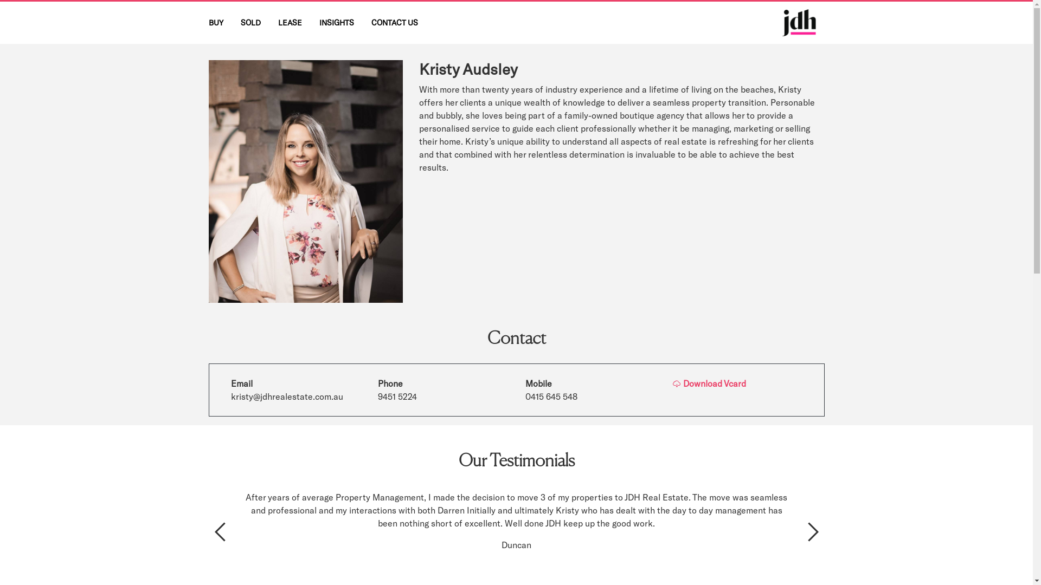 The height and width of the screenshot is (585, 1041). What do you see at coordinates (250, 23) in the screenshot?
I see `'SOLD'` at bounding box center [250, 23].